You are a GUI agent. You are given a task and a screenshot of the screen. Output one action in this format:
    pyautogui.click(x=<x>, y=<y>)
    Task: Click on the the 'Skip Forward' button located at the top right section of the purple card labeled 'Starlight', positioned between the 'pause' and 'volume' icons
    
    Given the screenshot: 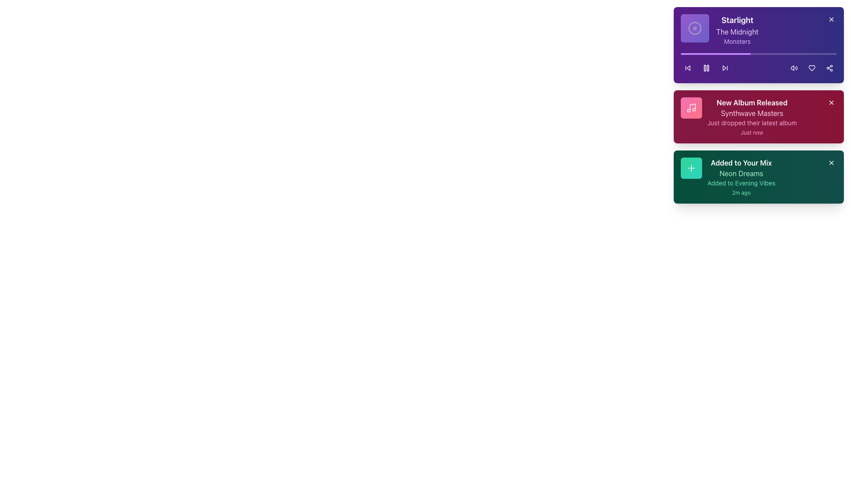 What is the action you would take?
    pyautogui.click(x=725, y=68)
    